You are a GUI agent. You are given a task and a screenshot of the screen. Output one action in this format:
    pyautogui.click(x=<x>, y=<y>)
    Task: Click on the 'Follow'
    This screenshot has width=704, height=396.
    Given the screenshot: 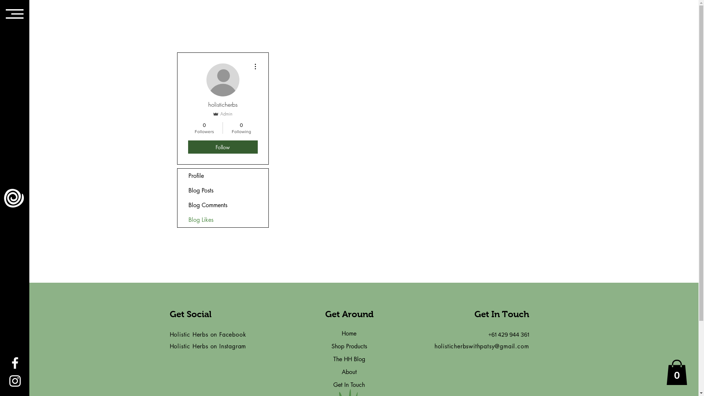 What is the action you would take?
    pyautogui.click(x=222, y=147)
    